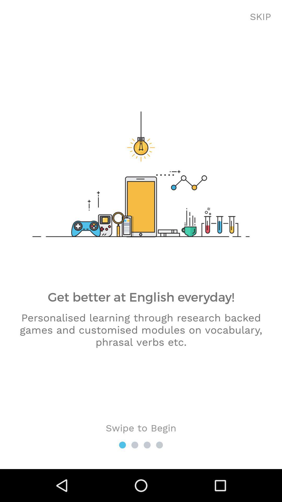 This screenshot has width=282, height=502. What do you see at coordinates (260, 17) in the screenshot?
I see `skip` at bounding box center [260, 17].